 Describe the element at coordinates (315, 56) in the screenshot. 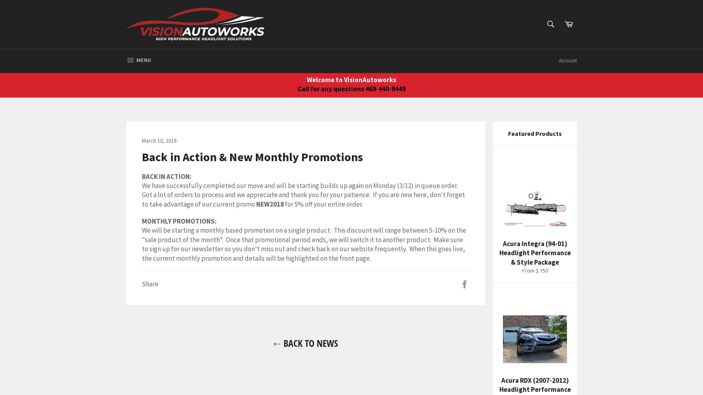

I see `'Item added to cart.'` at that location.